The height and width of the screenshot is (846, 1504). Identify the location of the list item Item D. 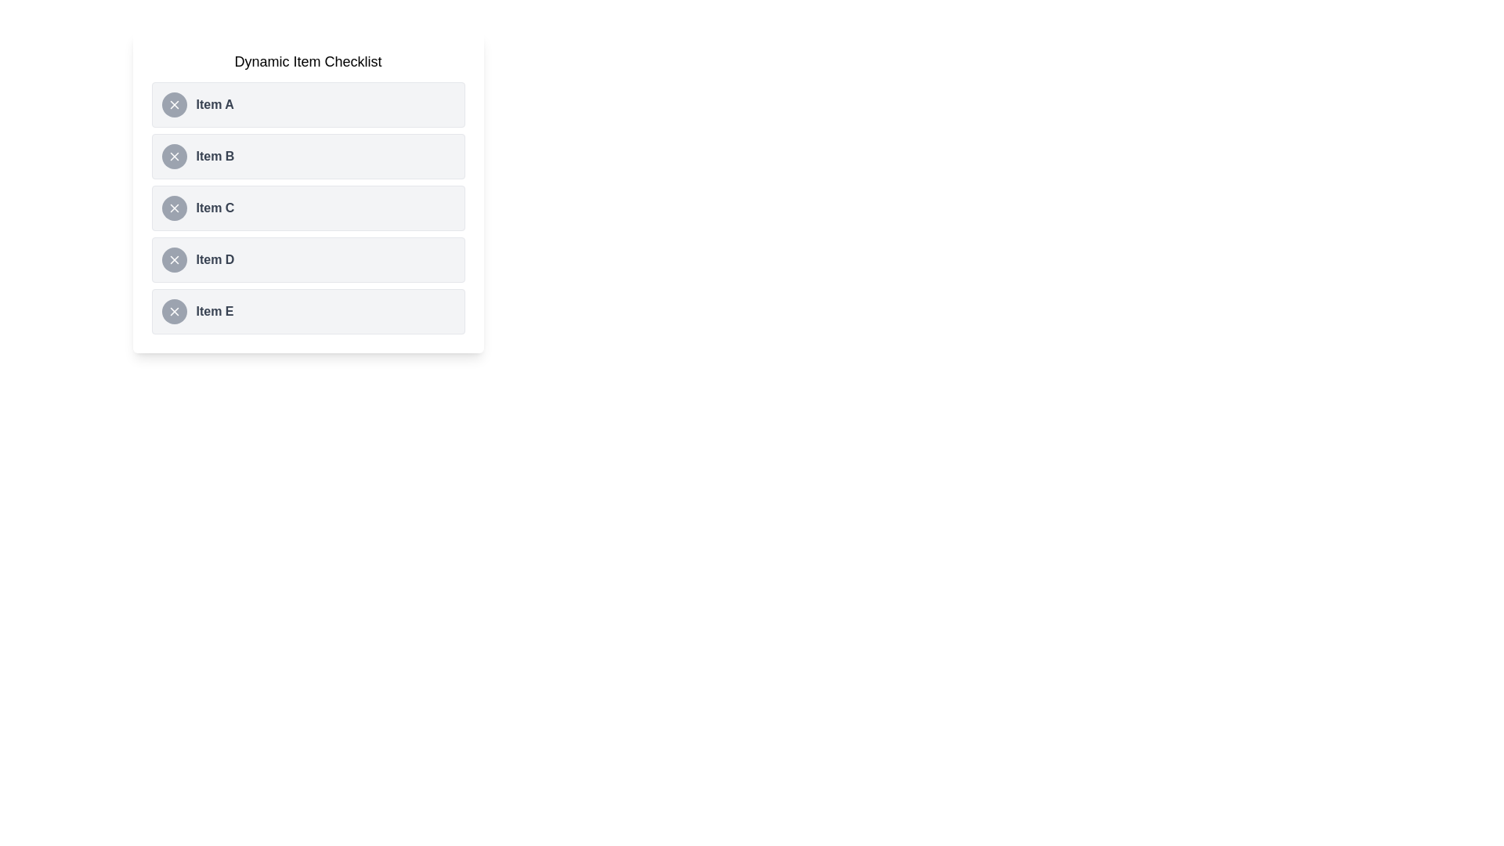
(308, 258).